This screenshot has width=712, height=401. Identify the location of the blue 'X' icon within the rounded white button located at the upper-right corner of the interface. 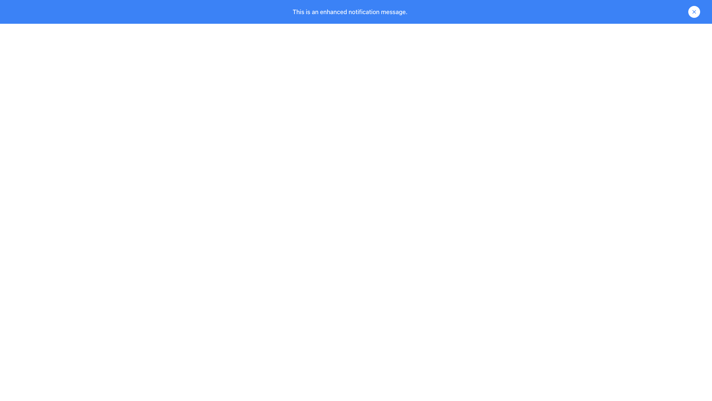
(694, 12).